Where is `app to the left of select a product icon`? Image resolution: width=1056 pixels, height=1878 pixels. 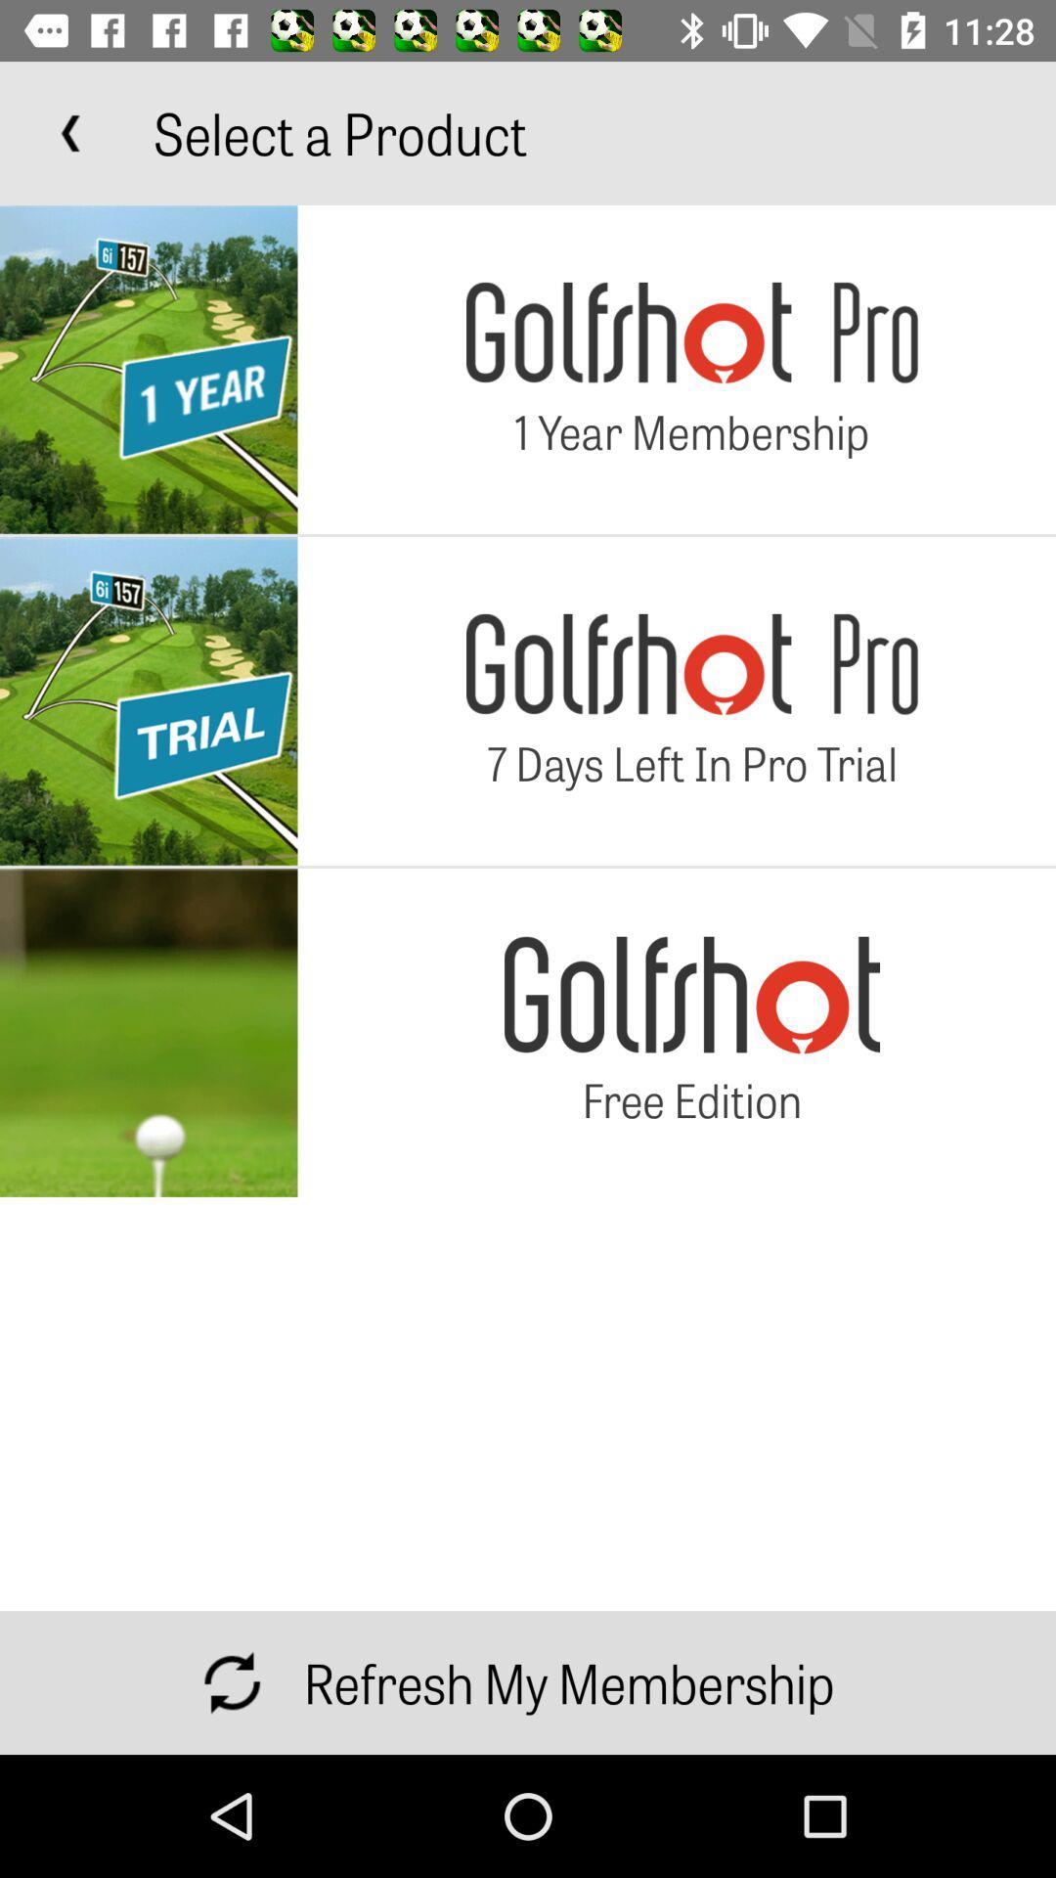
app to the left of select a product icon is located at coordinates (70, 132).